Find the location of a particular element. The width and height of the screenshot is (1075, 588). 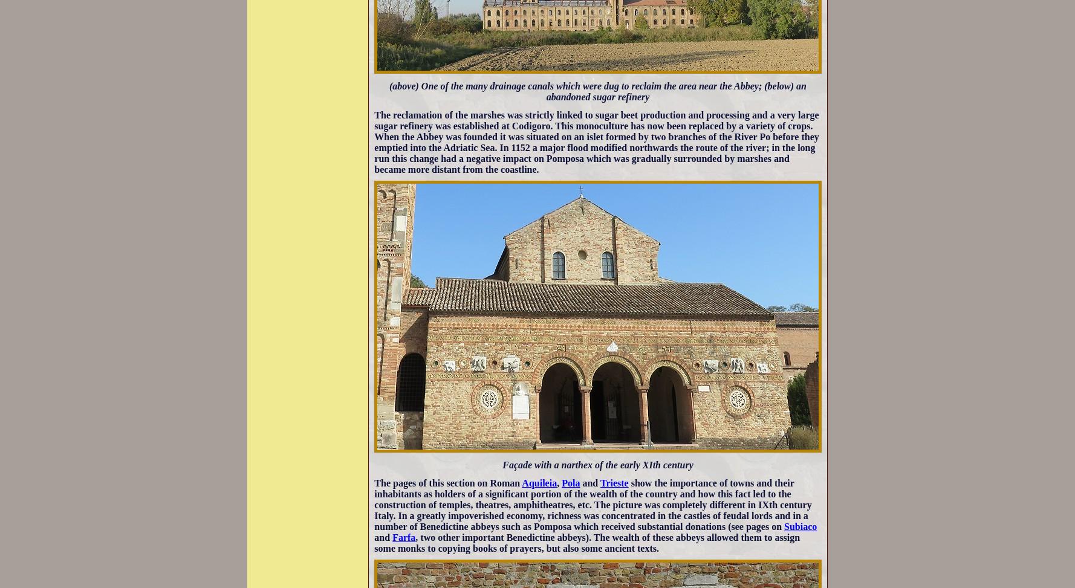

'show the importance of towns and their inhabitants as holders of a significant portion of the wealth of the country and how this fact led to the construction of temples, theatres, amphitheatres, etc. 
The picture was completely different in IXth century Italy. In a greatly impoverished economy, richness was concentrated in the castles of feudal lords and in a number of Benedictine abbeys such as Pomposa which received substantial donations (see pages on' is located at coordinates (592, 504).